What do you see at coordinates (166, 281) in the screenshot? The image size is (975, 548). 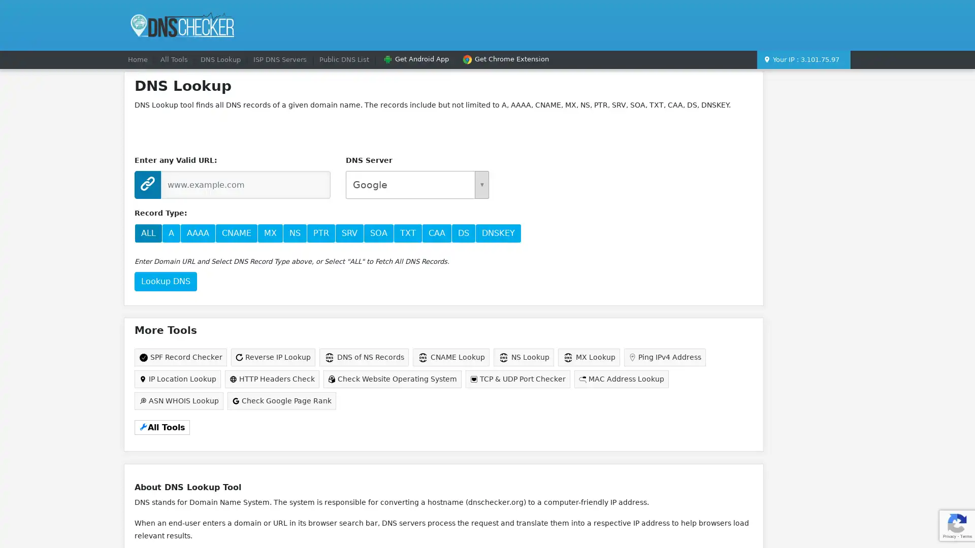 I see `Lookup DNS` at bounding box center [166, 281].